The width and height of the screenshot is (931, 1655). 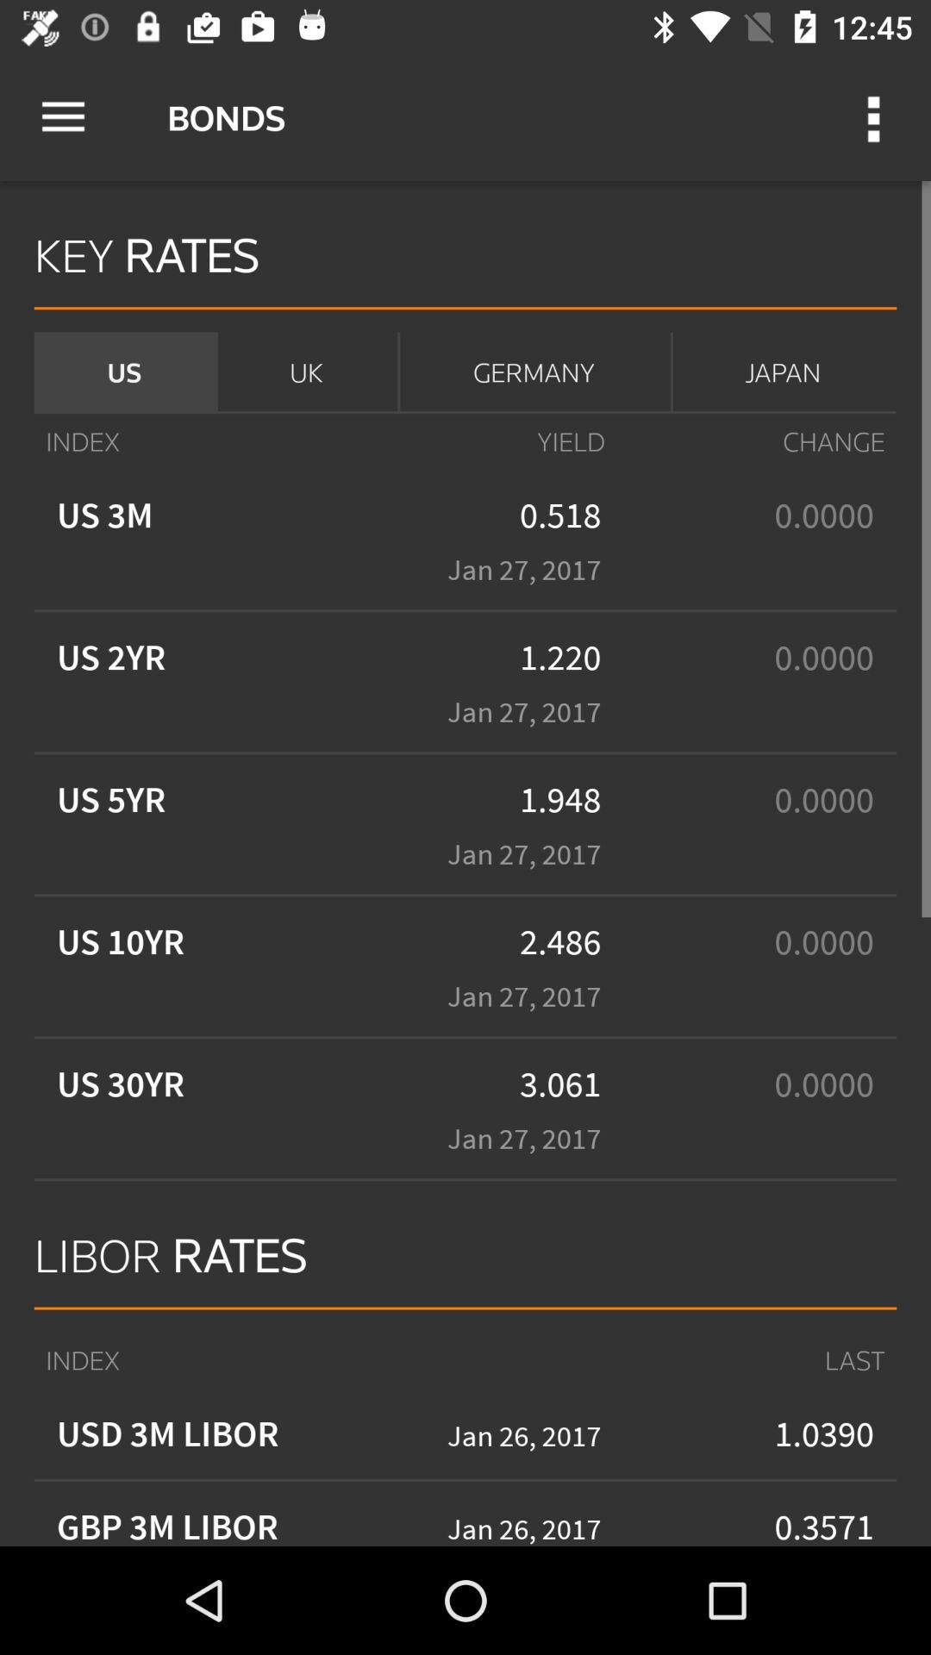 I want to click on text uk, so click(x=305, y=372).